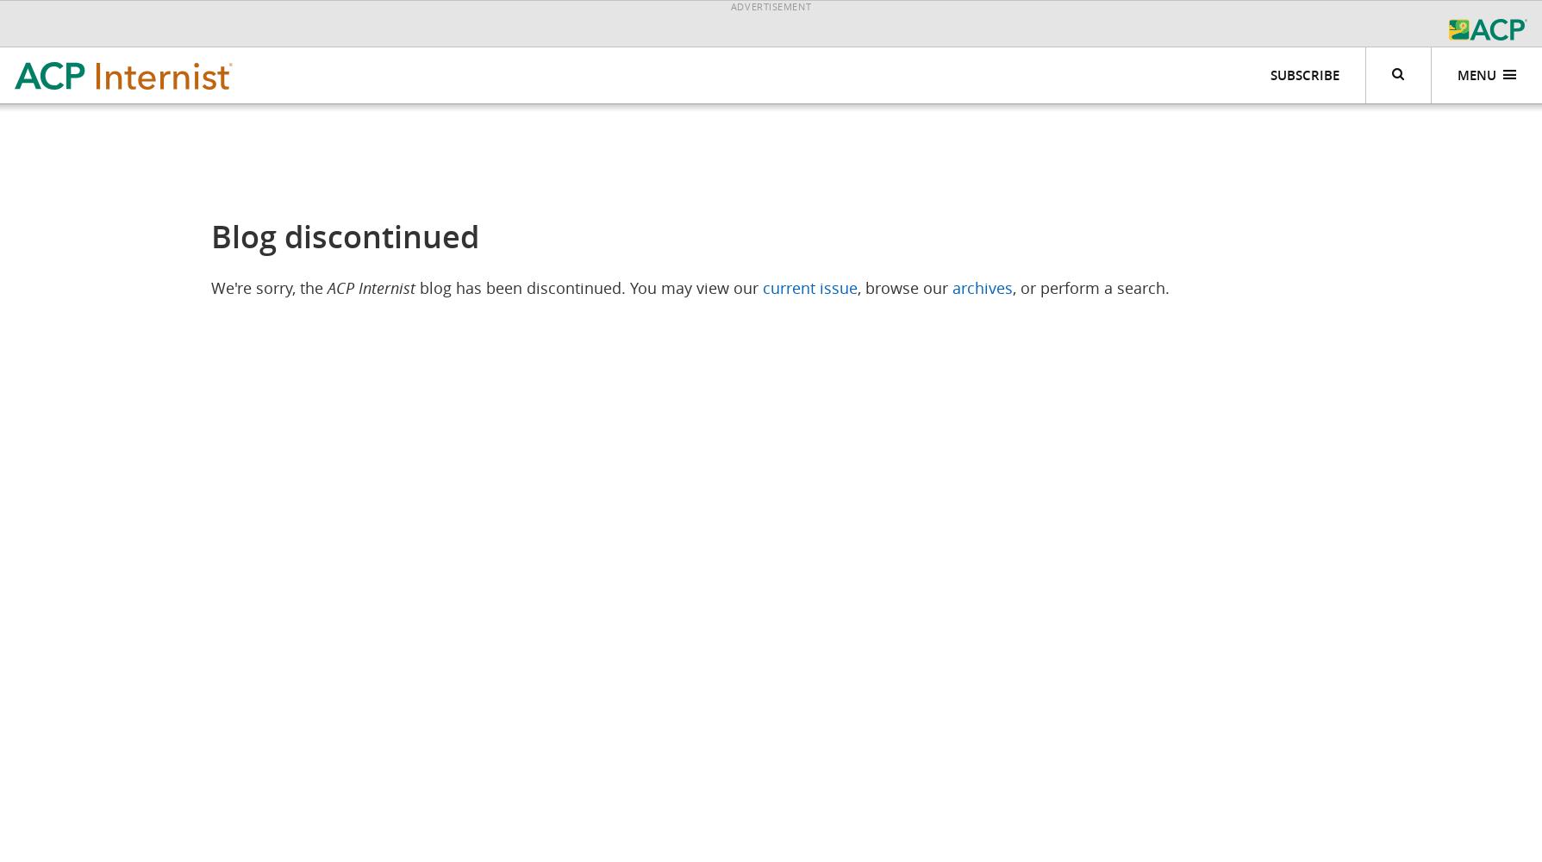 The image size is (1542, 862). Describe the element at coordinates (950, 287) in the screenshot. I see `'archives'` at that location.